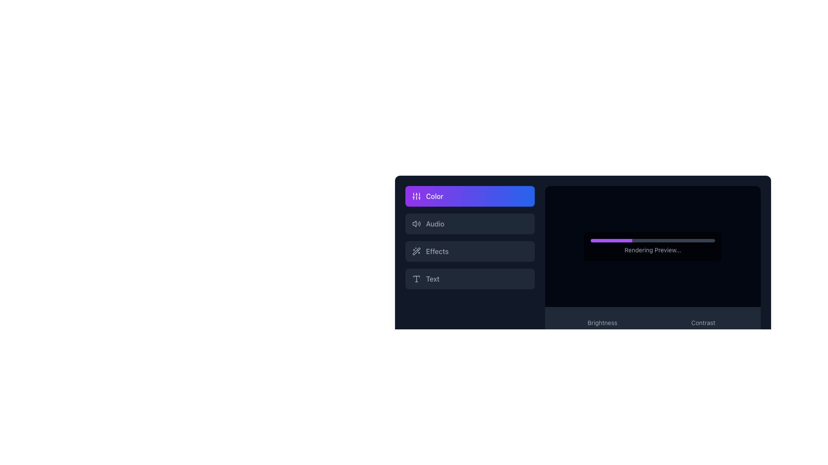 This screenshot has height=465, width=828. I want to click on the slider, so click(634, 334).